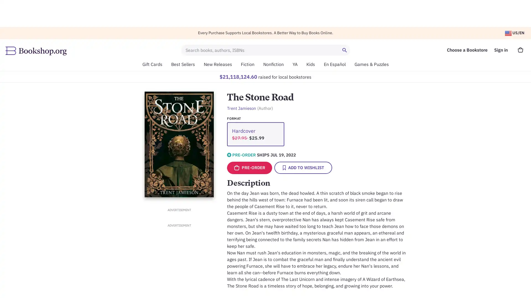 Image resolution: width=531 pixels, height=298 pixels. What do you see at coordinates (249, 167) in the screenshot?
I see `PRE-ORDER` at bounding box center [249, 167].